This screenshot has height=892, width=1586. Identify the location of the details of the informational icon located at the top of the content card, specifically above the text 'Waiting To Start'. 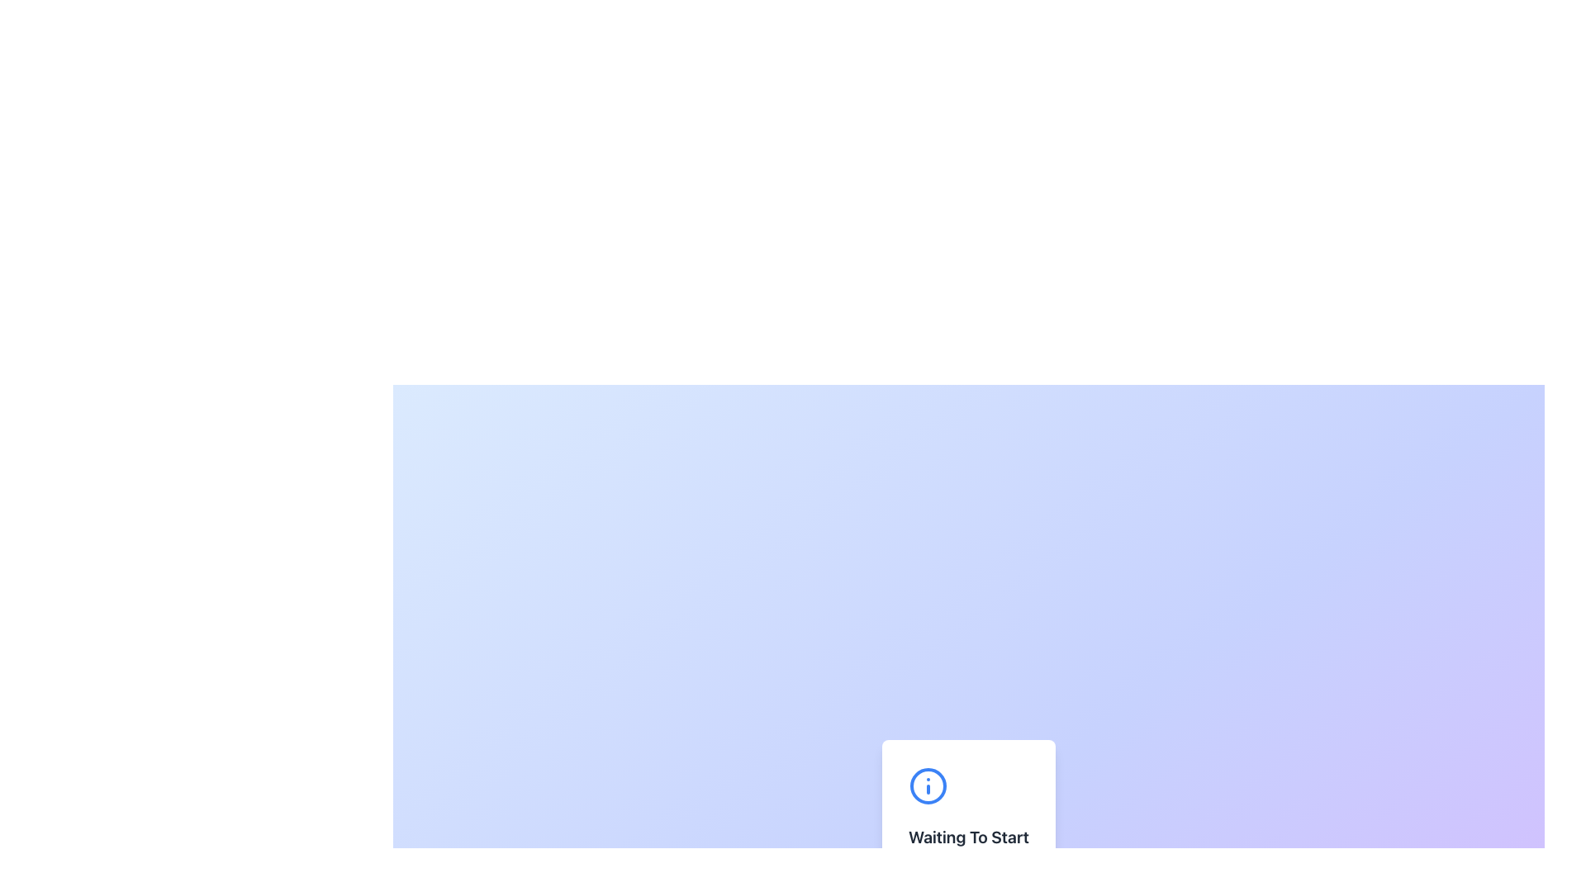
(968, 785).